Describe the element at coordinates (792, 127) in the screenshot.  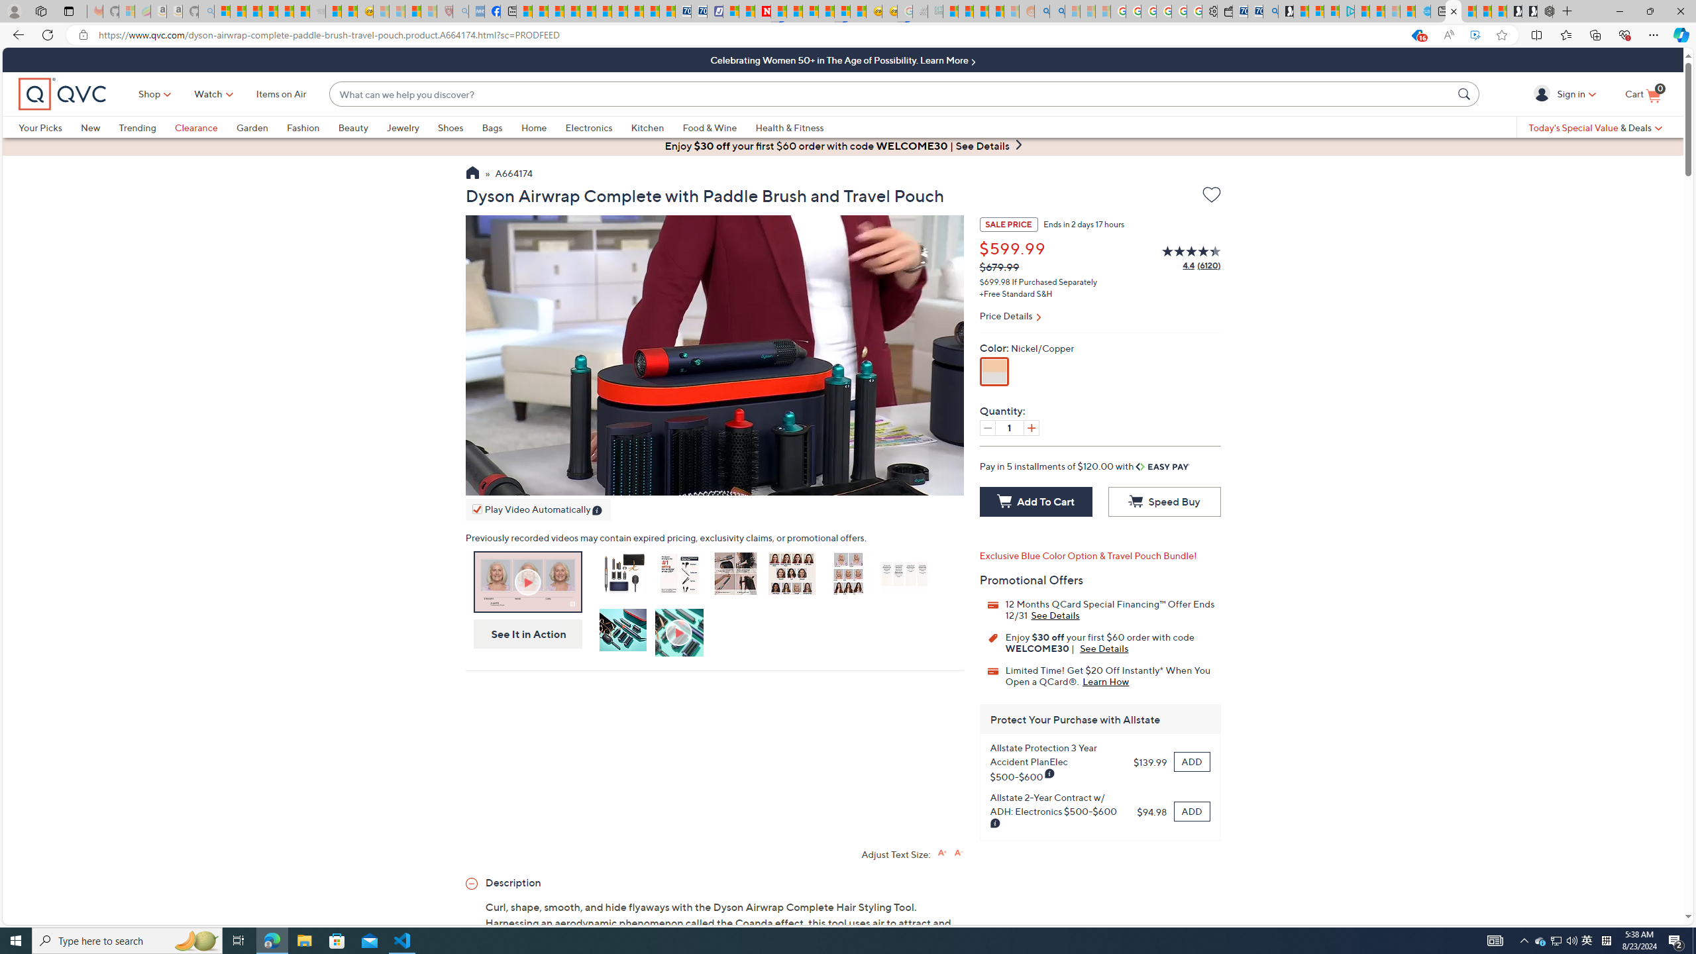
I see `'Health & Fitness'` at that location.